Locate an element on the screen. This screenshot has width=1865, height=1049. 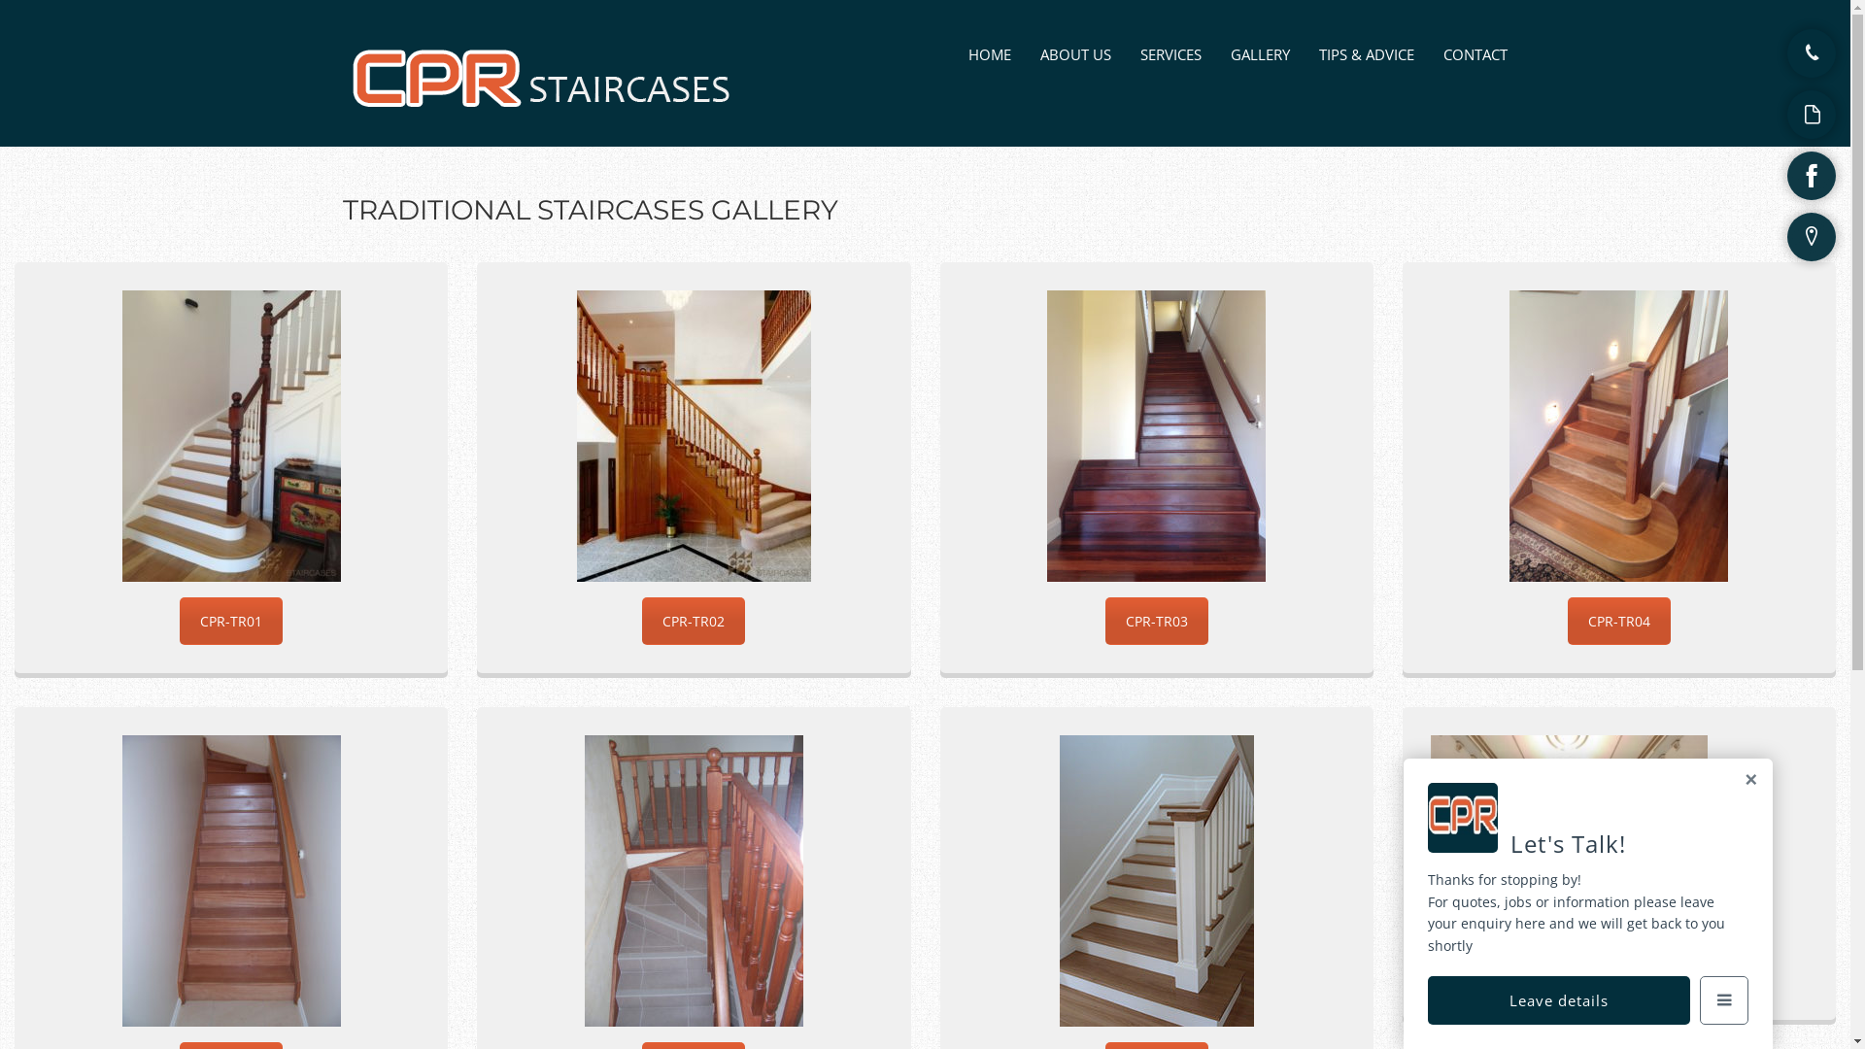
'ABOUT US' is located at coordinates (1074, 53).